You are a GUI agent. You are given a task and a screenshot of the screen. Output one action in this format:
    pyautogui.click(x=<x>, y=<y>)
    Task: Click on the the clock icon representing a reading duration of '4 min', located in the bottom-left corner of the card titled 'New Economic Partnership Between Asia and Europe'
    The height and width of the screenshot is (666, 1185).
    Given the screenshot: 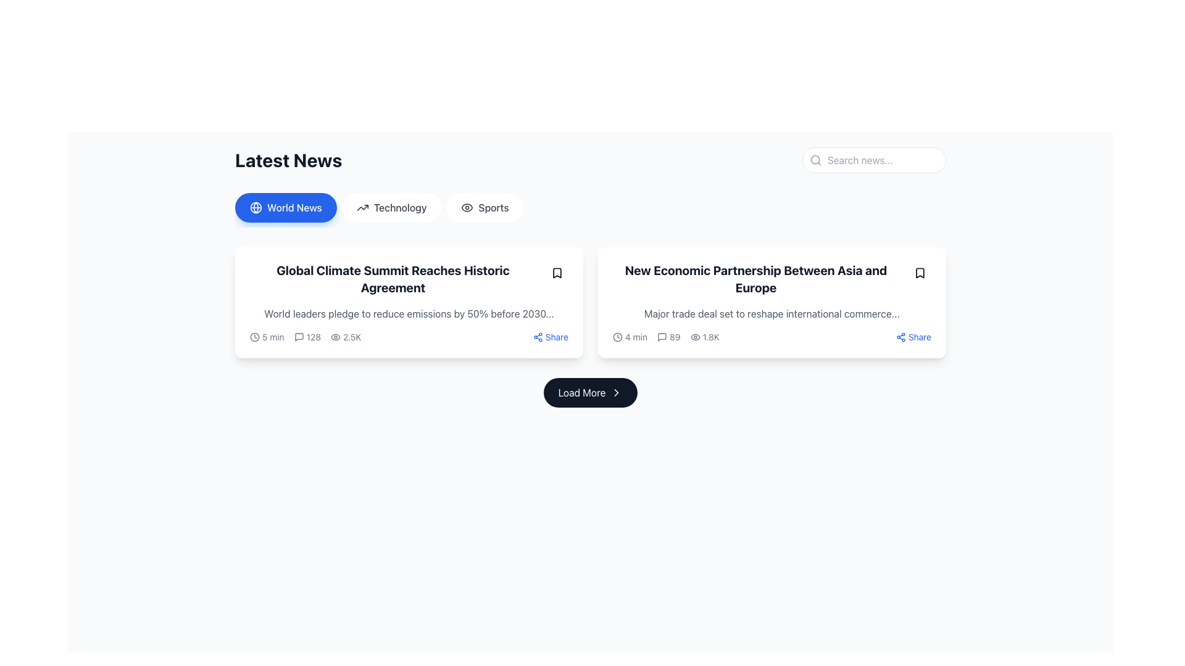 What is the action you would take?
    pyautogui.click(x=618, y=337)
    